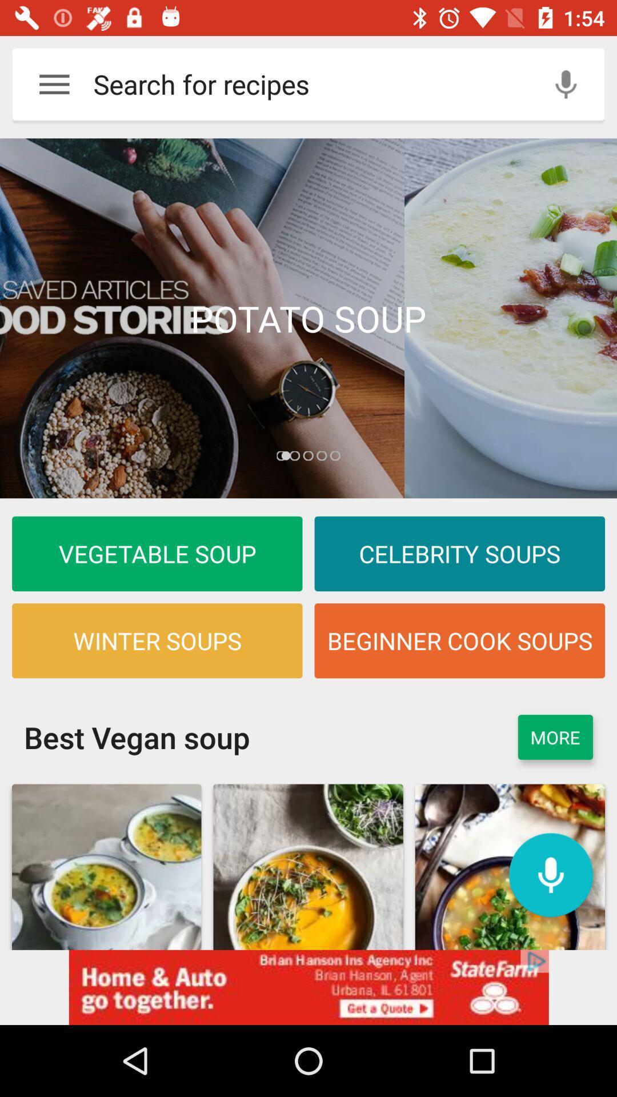 The width and height of the screenshot is (617, 1097). What do you see at coordinates (566, 83) in the screenshot?
I see `microphone search` at bounding box center [566, 83].